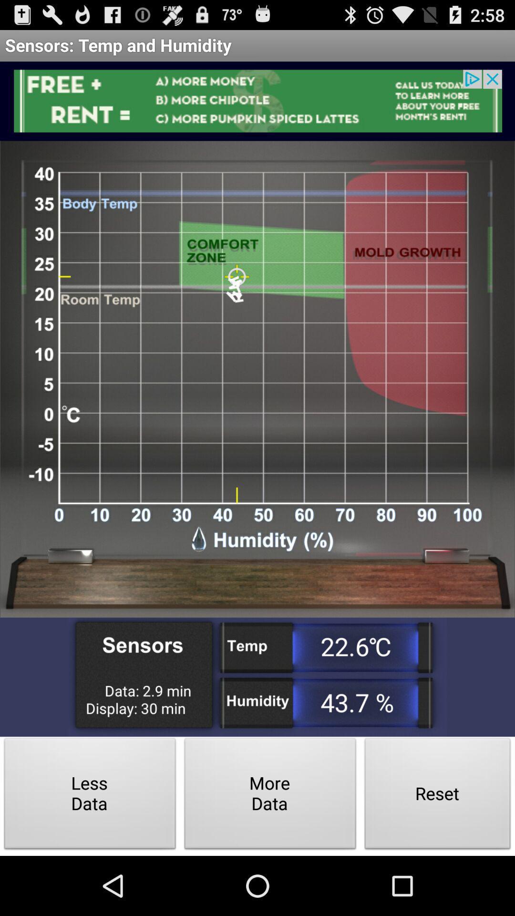 The image size is (515, 916). I want to click on less, so click(90, 796).